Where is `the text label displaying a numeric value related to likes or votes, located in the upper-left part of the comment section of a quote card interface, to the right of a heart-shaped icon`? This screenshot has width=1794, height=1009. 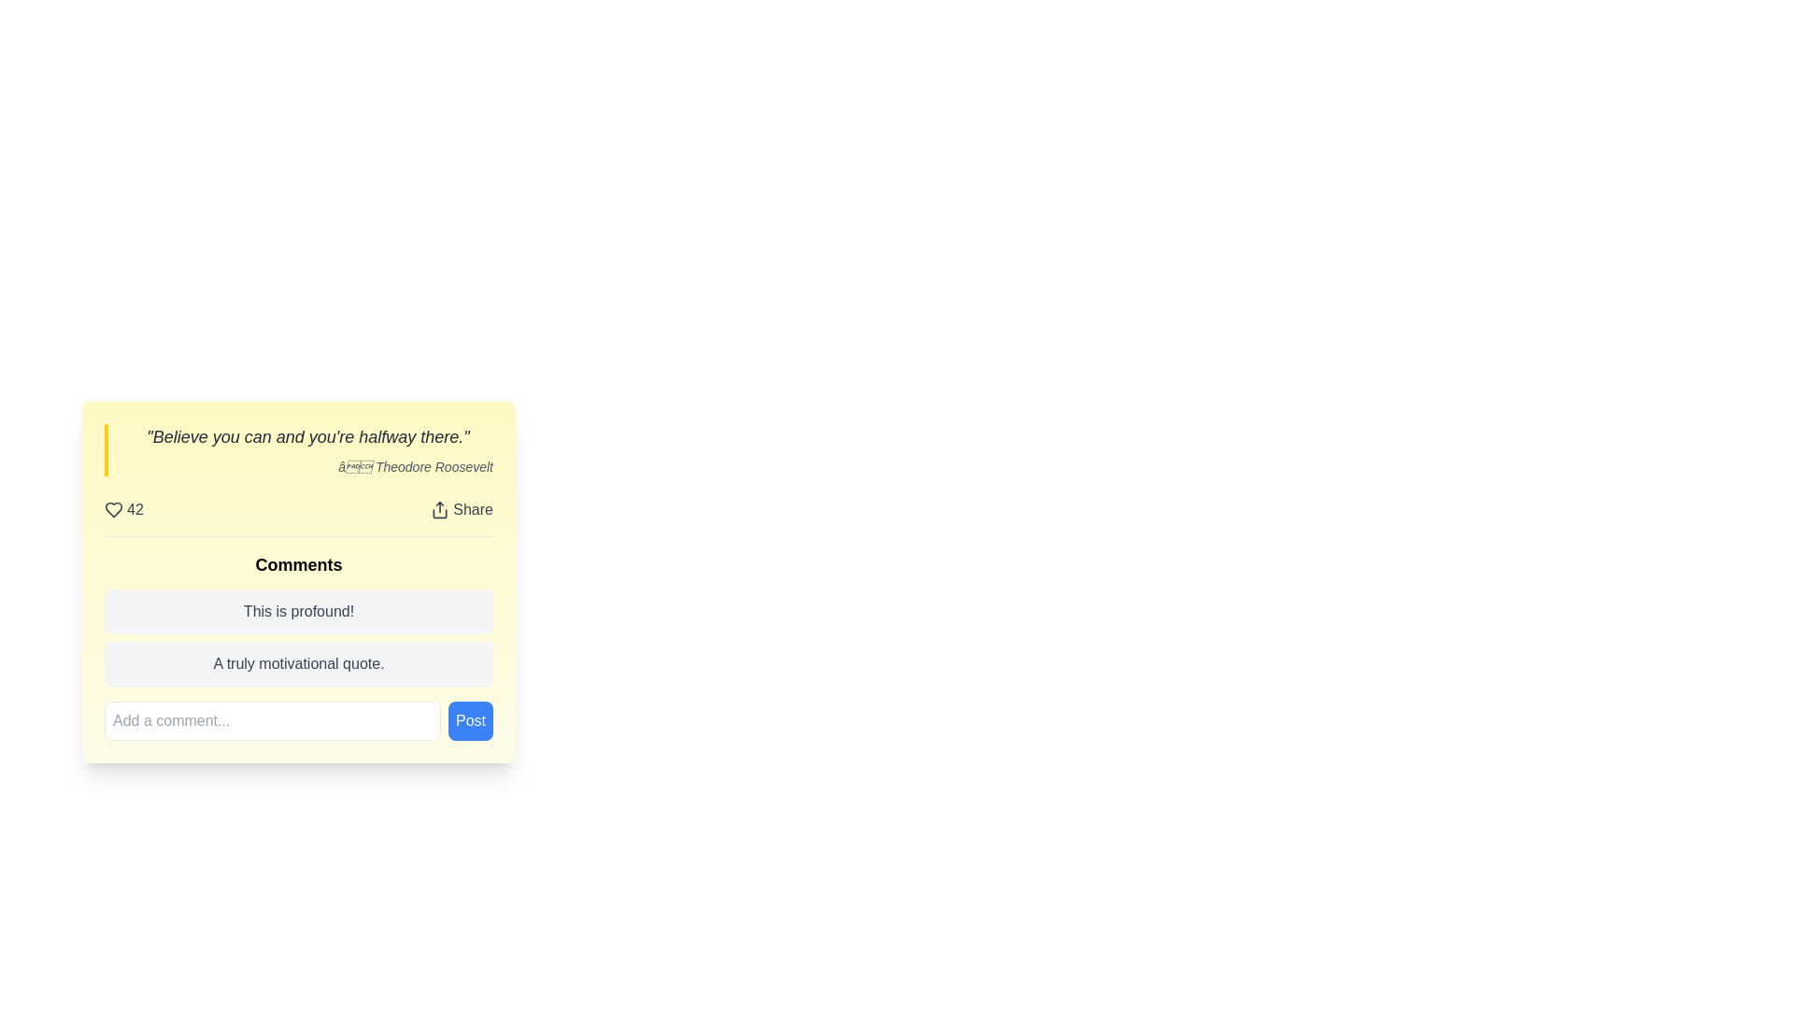
the text label displaying a numeric value related to likes or votes, located in the upper-left part of the comment section of a quote card interface, to the right of a heart-shaped icon is located at coordinates (134, 510).